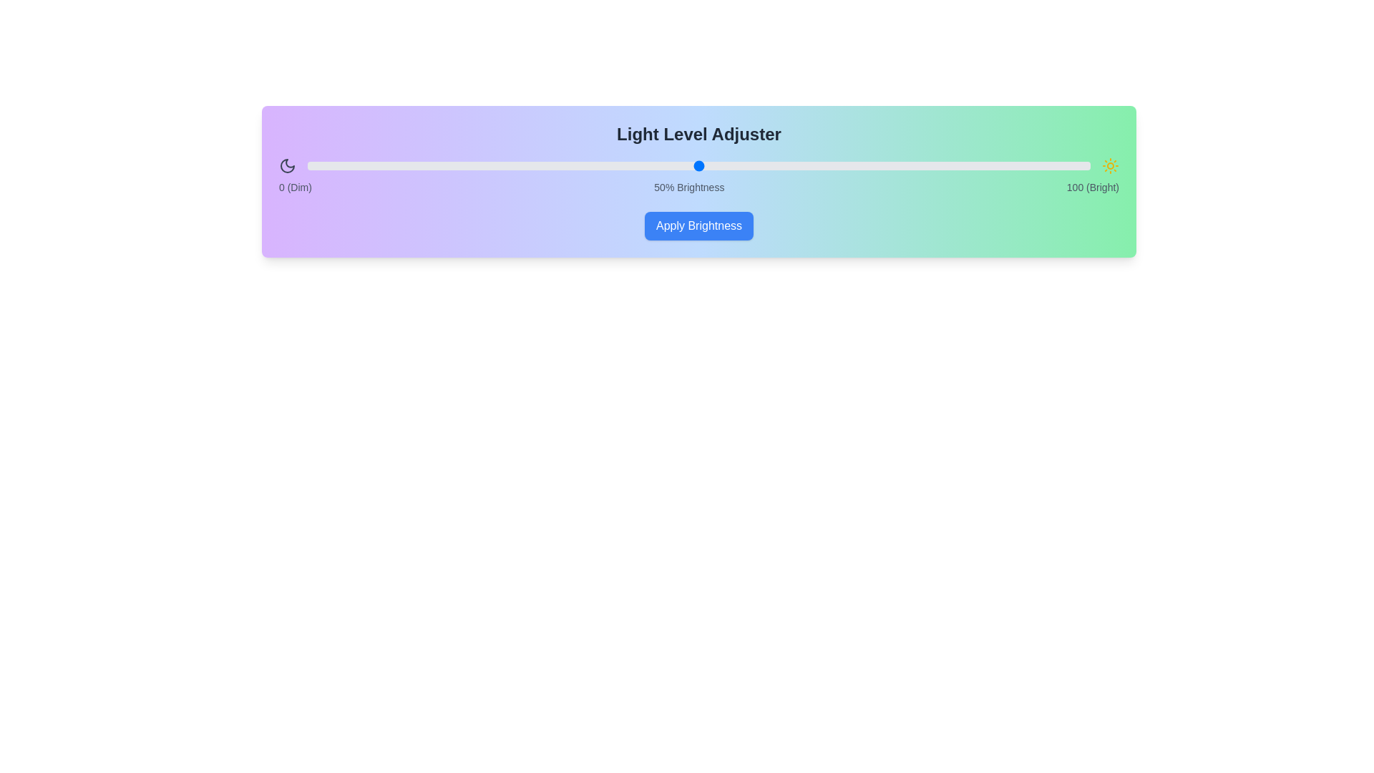 The image size is (1374, 773). What do you see at coordinates (902, 165) in the screenshot?
I see `the brightness slider to 76%` at bounding box center [902, 165].